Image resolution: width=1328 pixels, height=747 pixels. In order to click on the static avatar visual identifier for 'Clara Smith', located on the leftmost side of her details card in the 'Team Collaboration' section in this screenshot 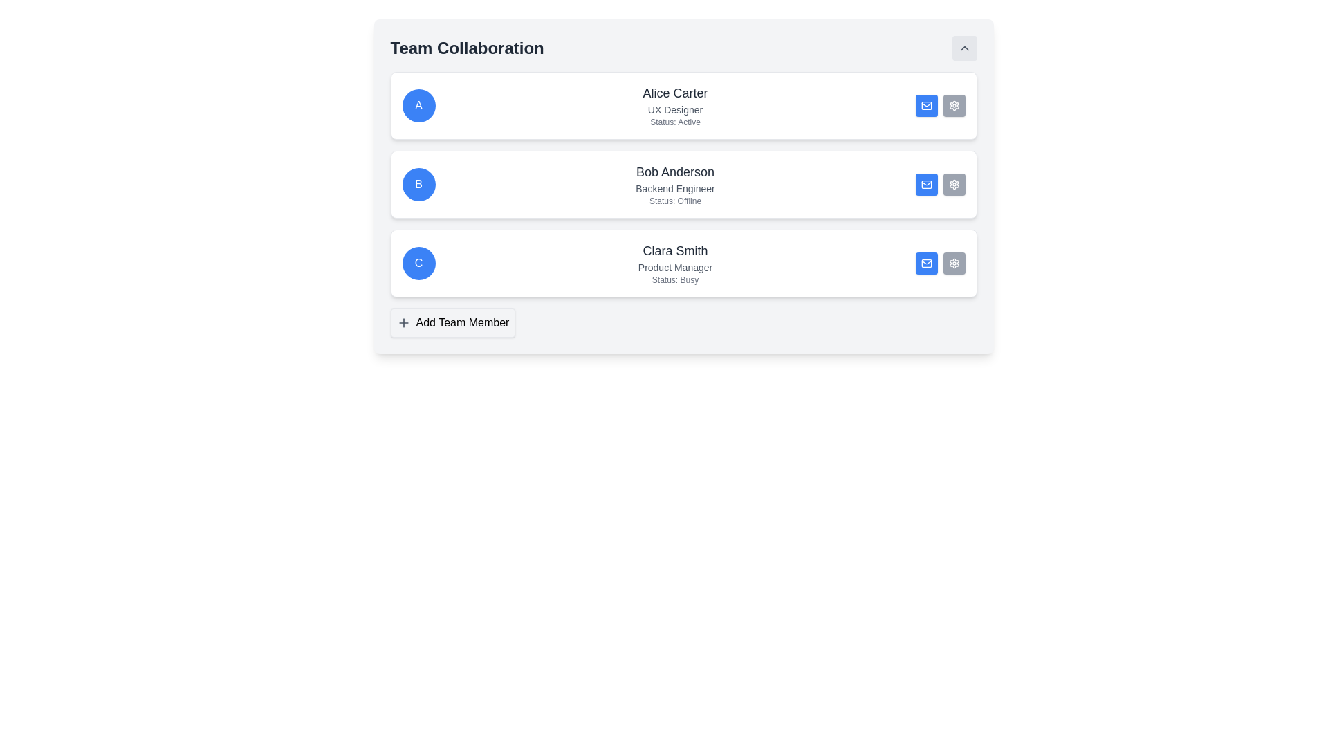, I will do `click(418, 264)`.